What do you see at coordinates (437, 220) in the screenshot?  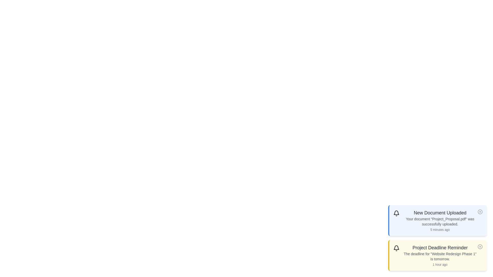 I see `the alert titled 'New Document Uploaded' to observe its hover effect` at bounding box center [437, 220].